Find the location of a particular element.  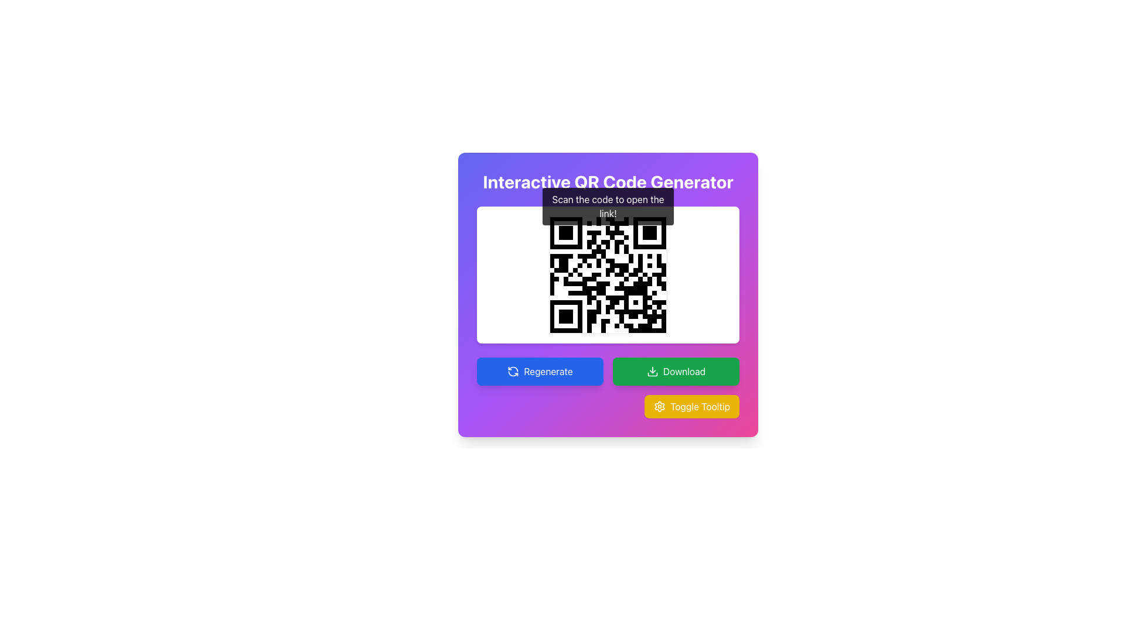

the gear-shaped icon located to the left of the 'Toggle Tooltip' text within the yellow button at the bottom-right of the card interface to interact is located at coordinates (660, 406).